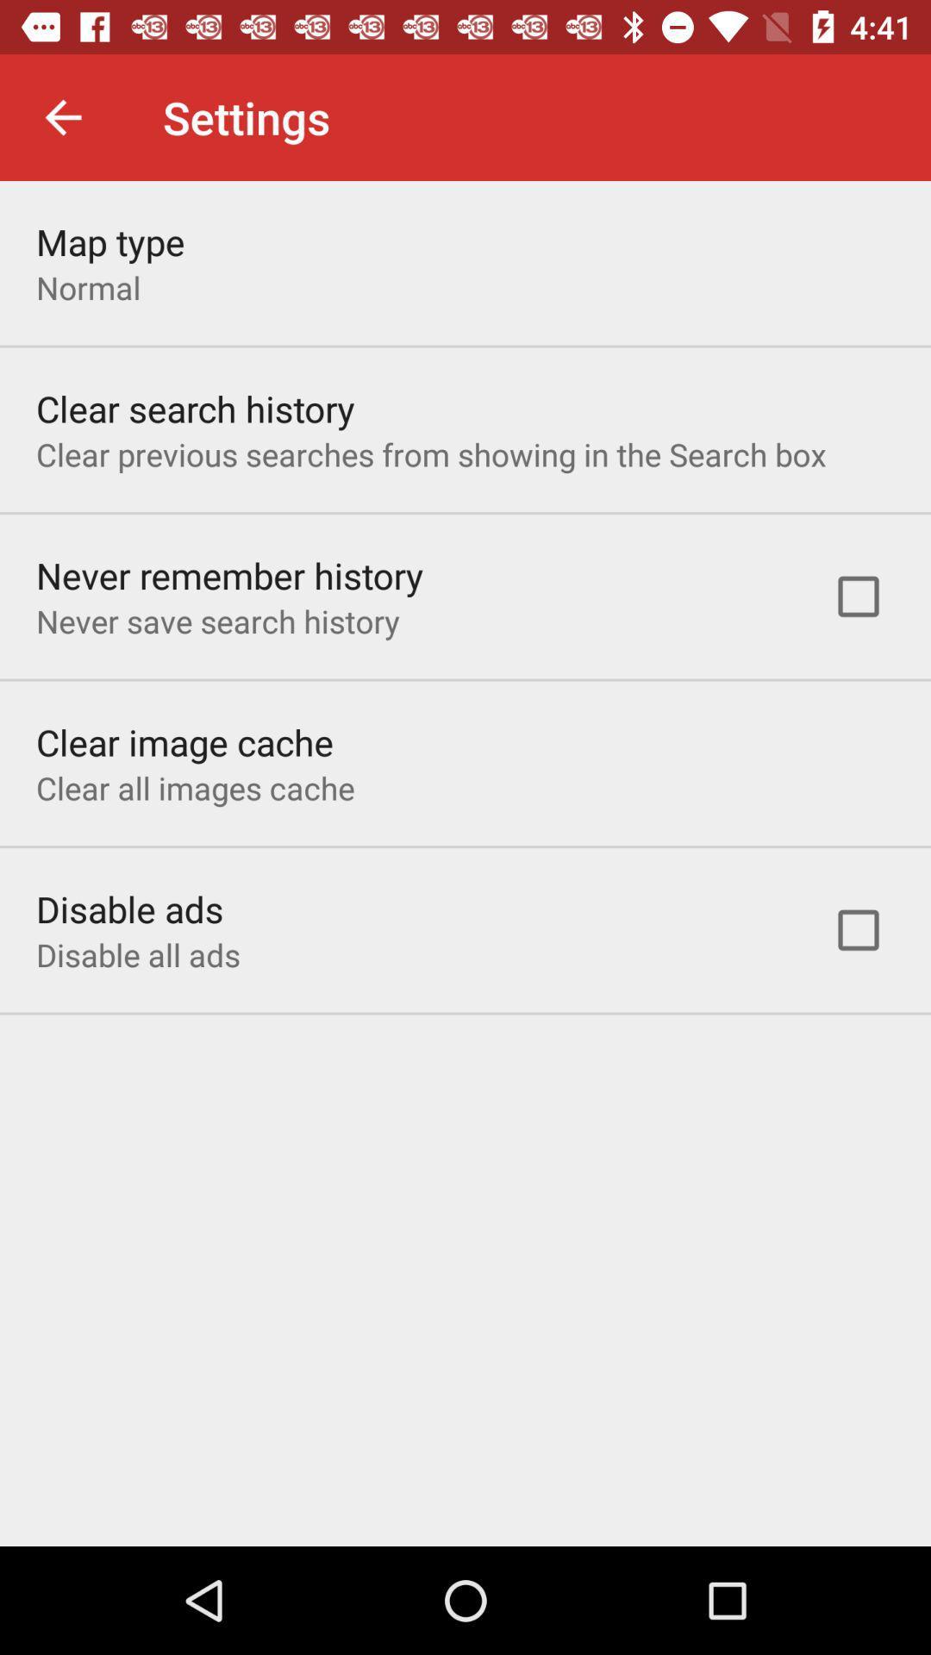 This screenshot has width=931, height=1655. Describe the element at coordinates (216, 621) in the screenshot. I see `icon below never remember history` at that location.